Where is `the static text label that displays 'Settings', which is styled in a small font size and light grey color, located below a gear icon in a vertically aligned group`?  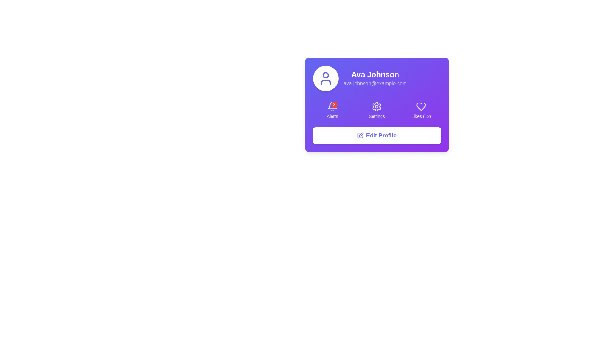
the static text label that displays 'Settings', which is styled in a small font size and light grey color, located below a gear icon in a vertically aligned group is located at coordinates (377, 116).